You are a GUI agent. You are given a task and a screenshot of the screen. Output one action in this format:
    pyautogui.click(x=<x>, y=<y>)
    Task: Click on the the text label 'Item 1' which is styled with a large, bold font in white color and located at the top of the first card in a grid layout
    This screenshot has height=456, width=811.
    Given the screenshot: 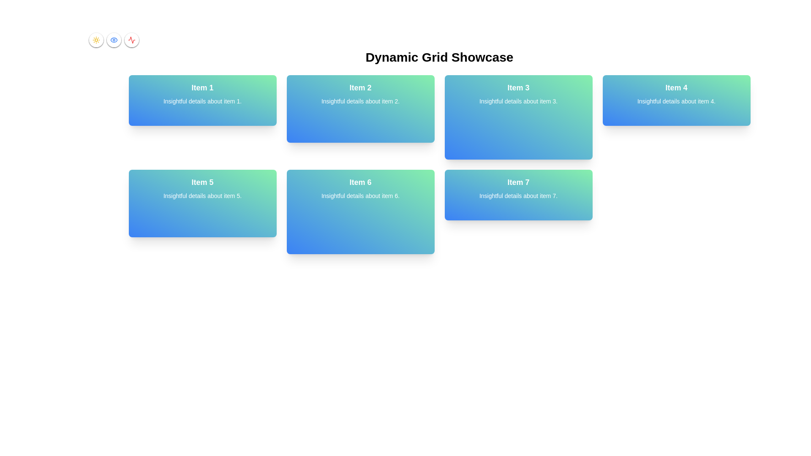 What is the action you would take?
    pyautogui.click(x=202, y=88)
    